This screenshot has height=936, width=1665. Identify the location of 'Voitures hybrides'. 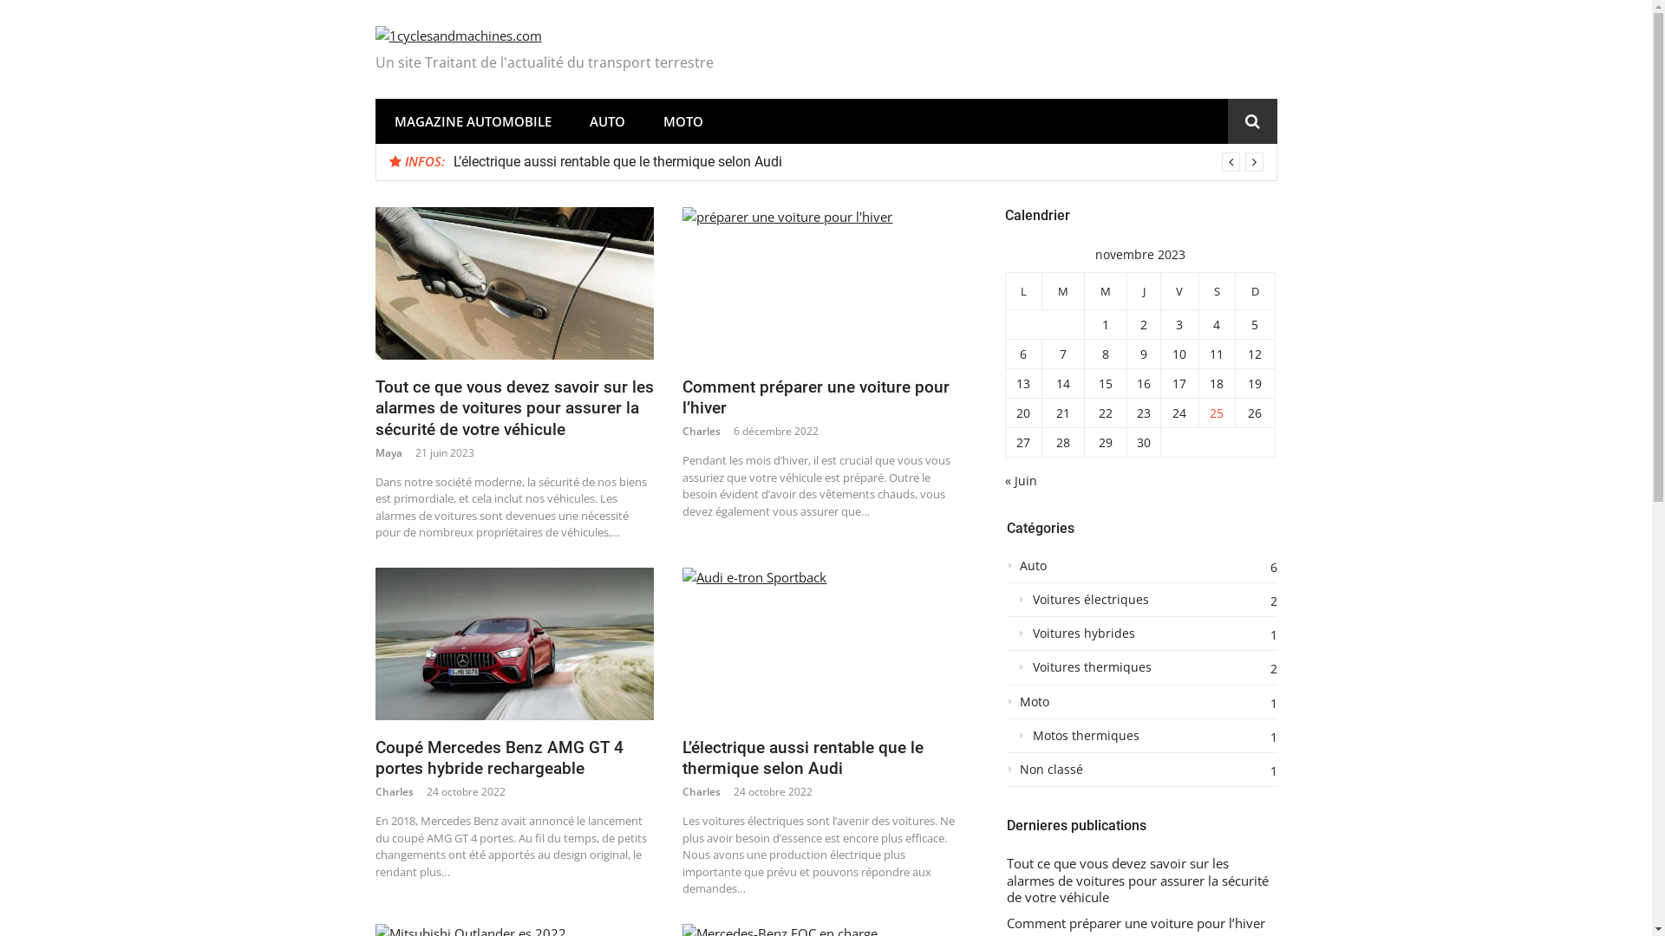
(1140, 638).